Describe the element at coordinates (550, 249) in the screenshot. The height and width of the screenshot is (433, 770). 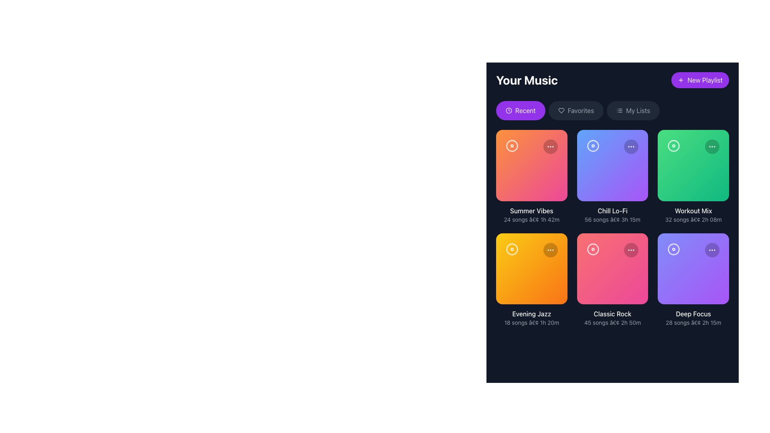
I see `the menu button located at the upper-right corner of the 'Evening Jazz' card` at that location.